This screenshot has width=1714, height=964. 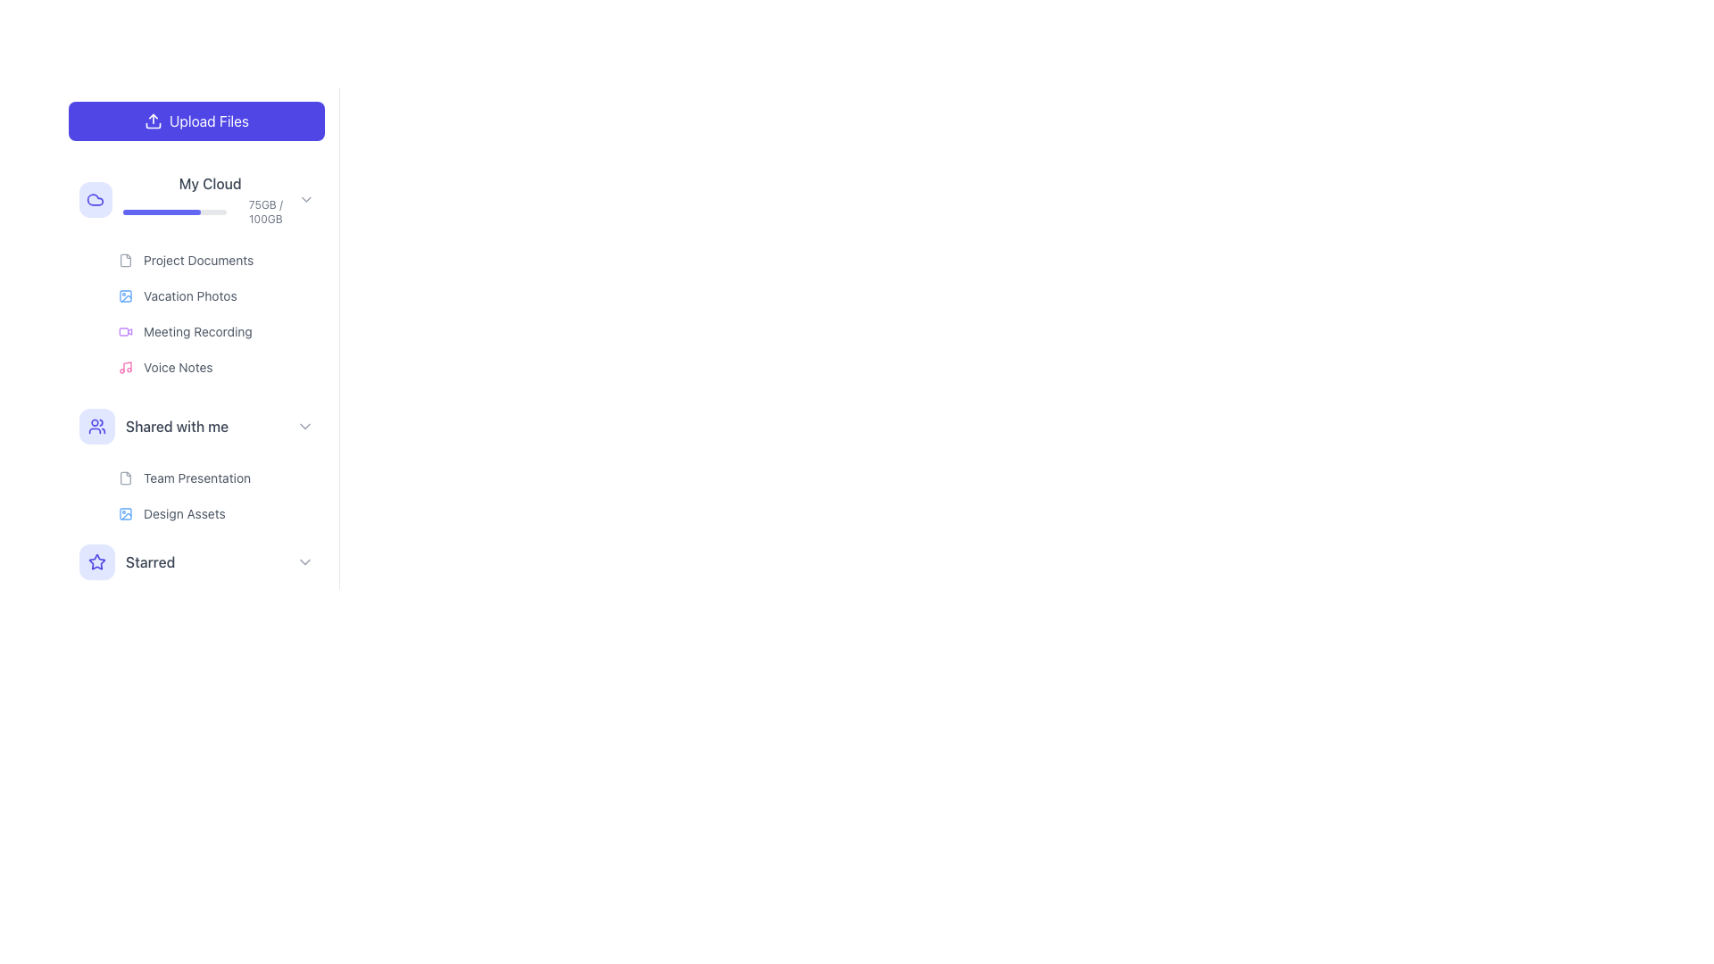 I want to click on the 'Team Presentation' file list item, which displays a document icon and a '15MB' label, located in the 'Shared with me' section, so click(x=217, y=478).